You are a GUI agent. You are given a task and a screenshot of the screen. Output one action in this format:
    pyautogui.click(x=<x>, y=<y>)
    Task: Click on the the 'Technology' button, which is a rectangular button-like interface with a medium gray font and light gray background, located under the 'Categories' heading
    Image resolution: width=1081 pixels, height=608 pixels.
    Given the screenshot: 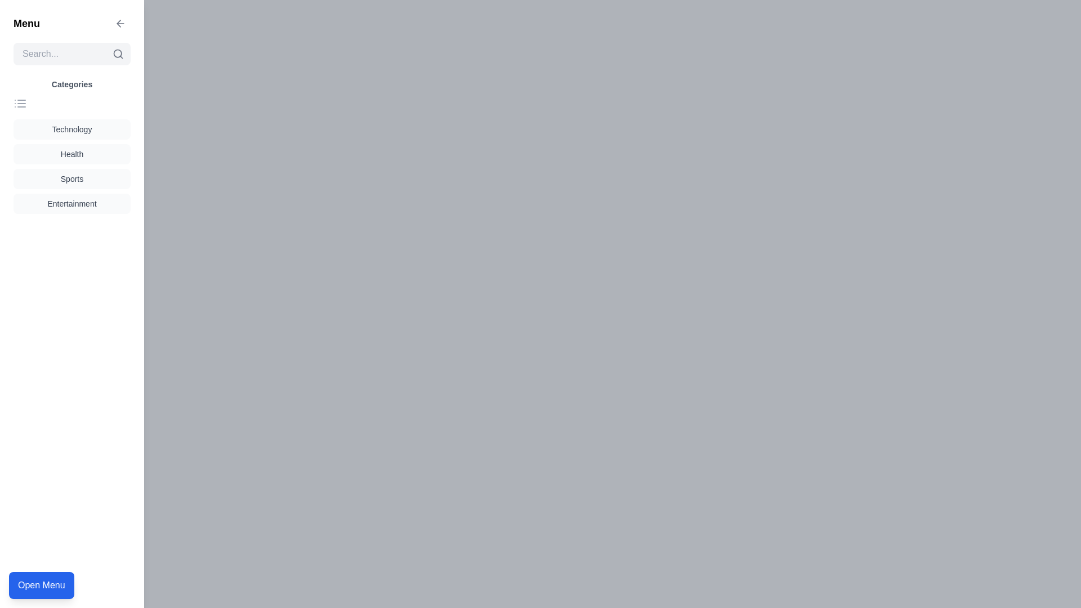 What is the action you would take?
    pyautogui.click(x=72, y=129)
    